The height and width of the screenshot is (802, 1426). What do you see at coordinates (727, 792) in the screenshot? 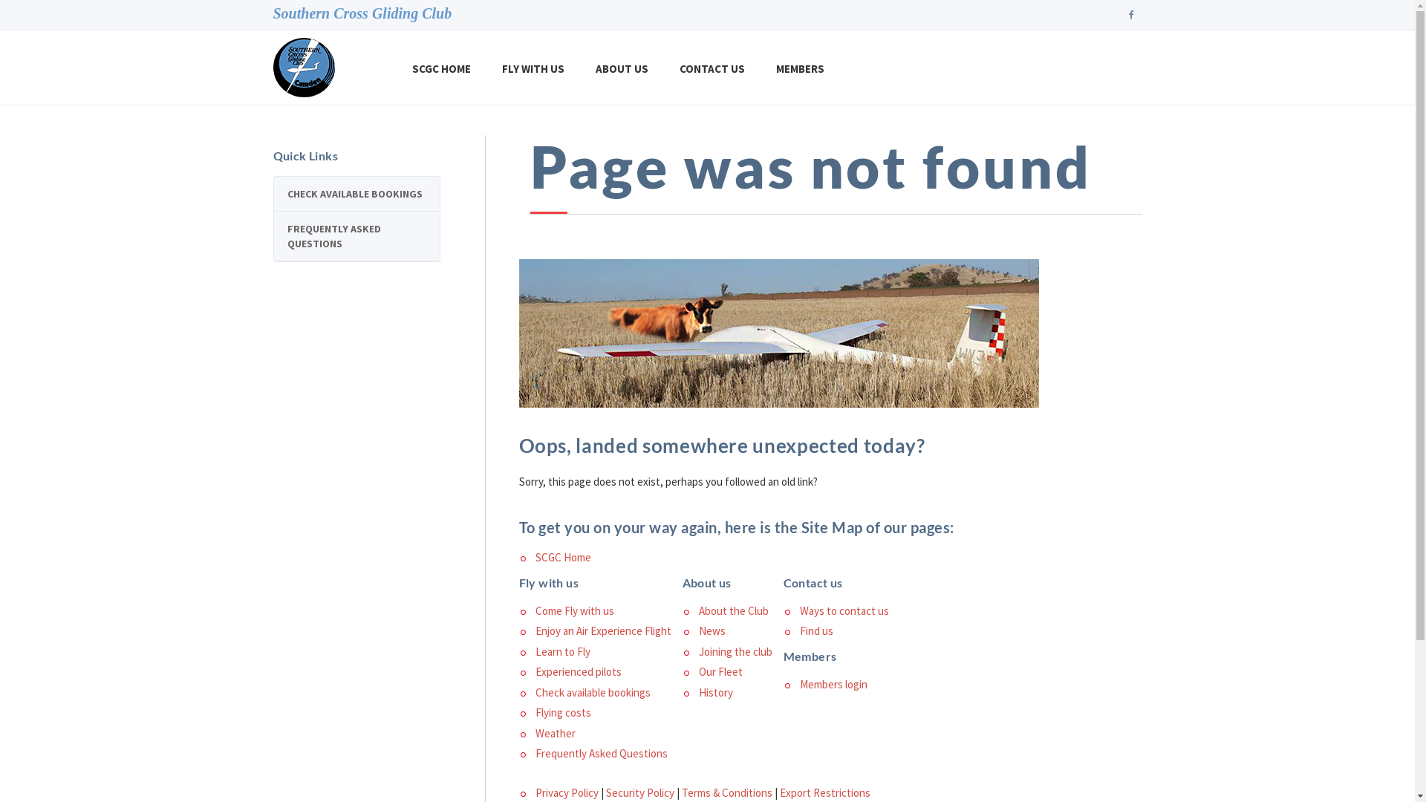
I see `'Terms & Conditions'` at bounding box center [727, 792].